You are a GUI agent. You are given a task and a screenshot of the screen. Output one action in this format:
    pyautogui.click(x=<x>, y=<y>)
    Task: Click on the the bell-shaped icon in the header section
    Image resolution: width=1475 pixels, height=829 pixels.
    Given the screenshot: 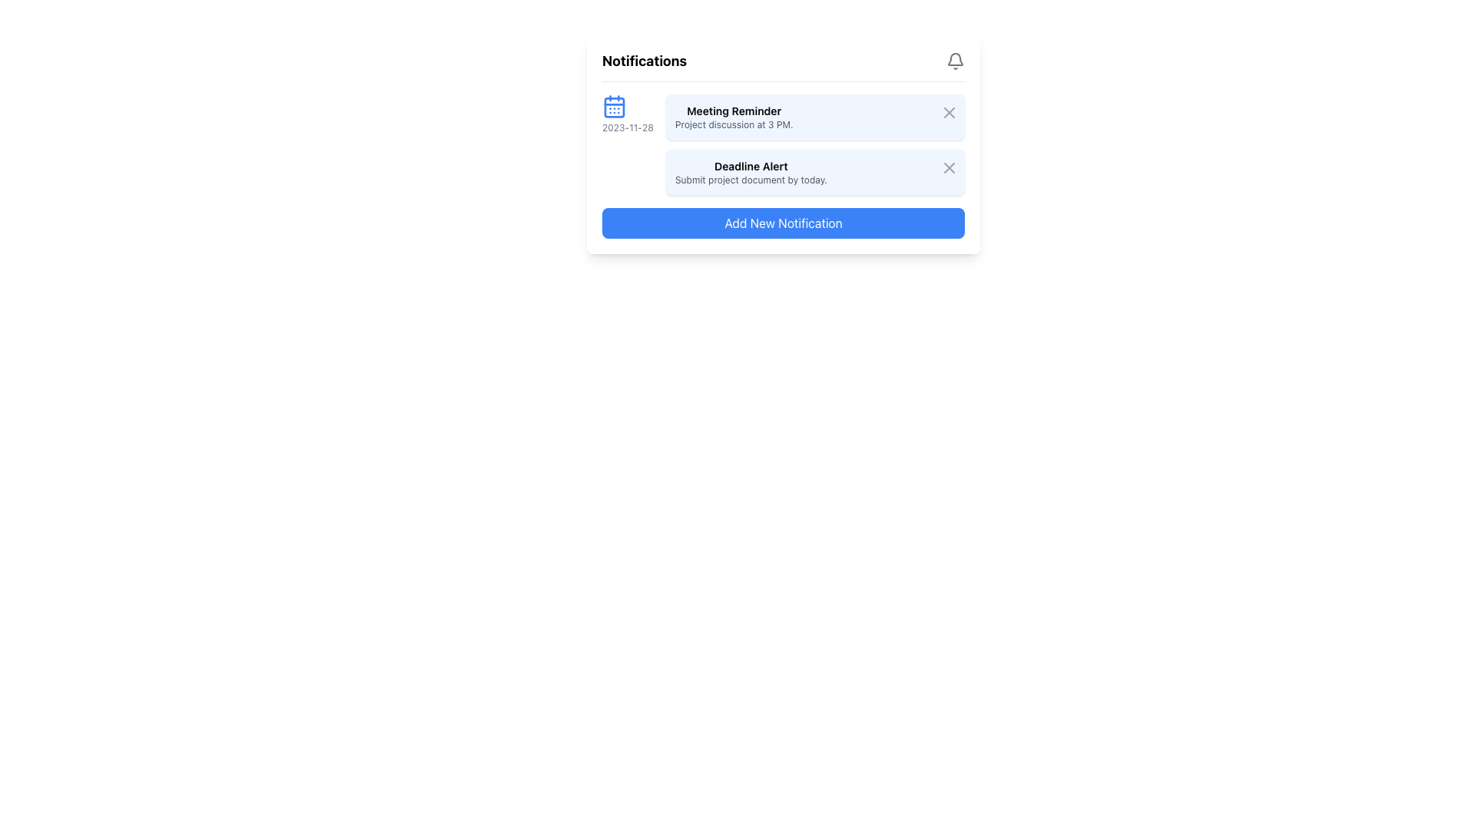 What is the action you would take?
    pyautogui.click(x=954, y=61)
    